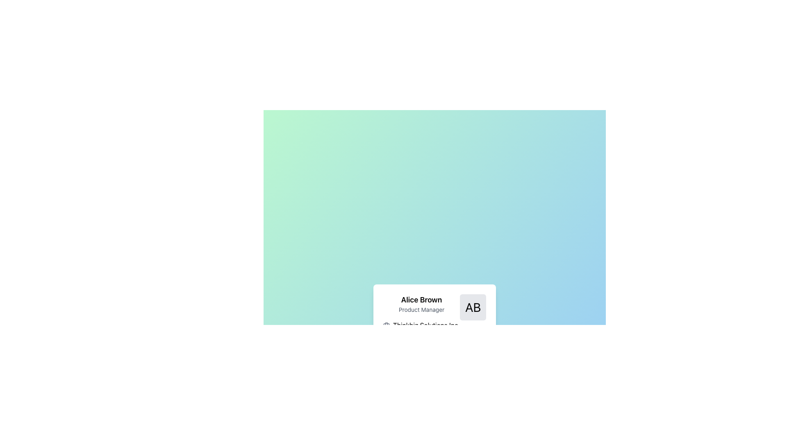 The height and width of the screenshot is (442, 787). Describe the element at coordinates (421, 325) in the screenshot. I see `text label displaying the company name associated with Alice Brown, positioned below her name and title in the content block` at that location.